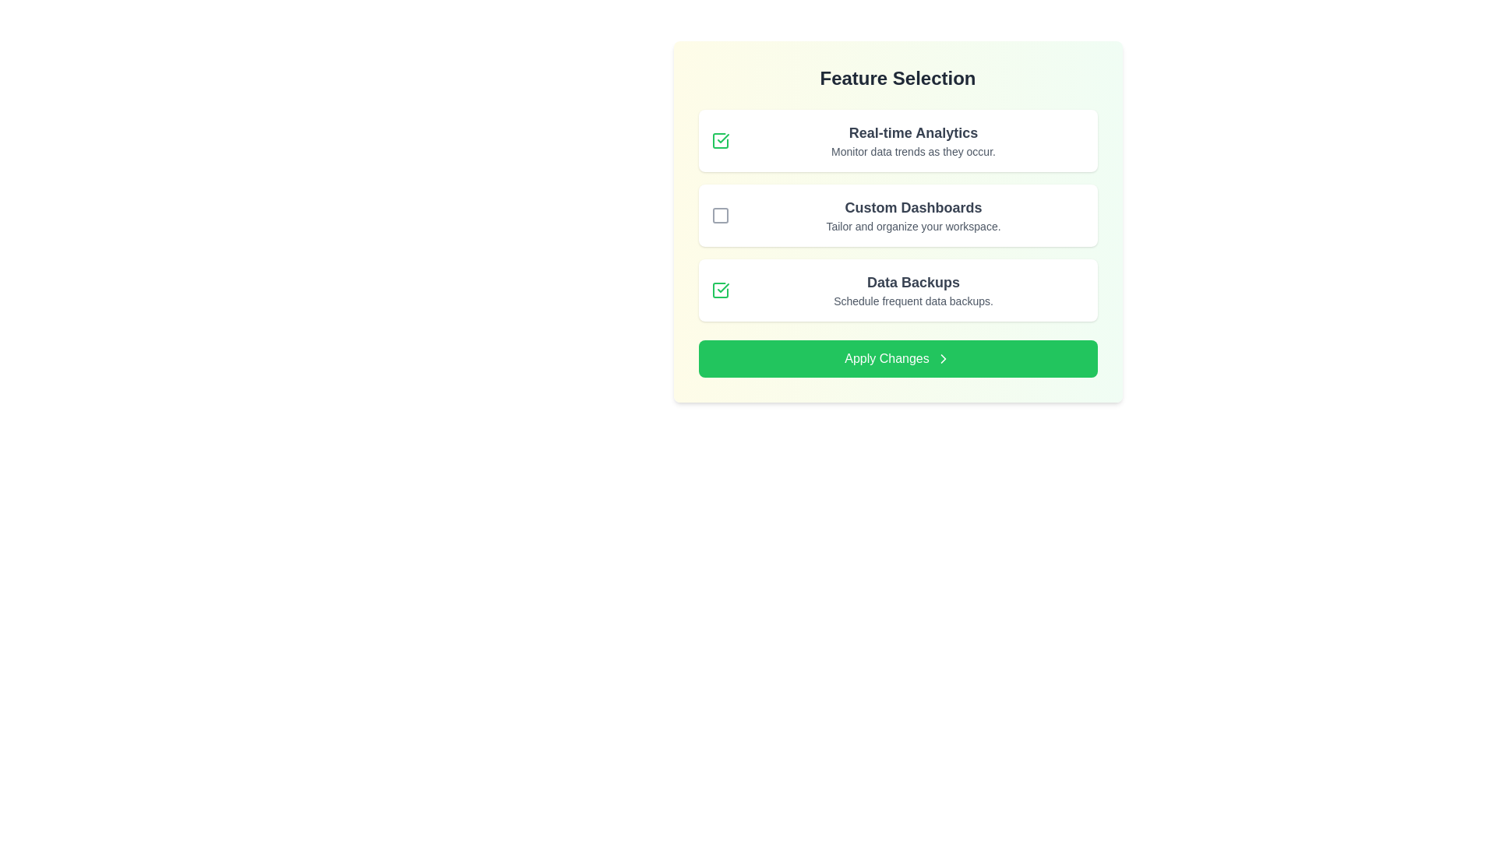 This screenshot has height=841, width=1496. I want to click on the checkbox with a green tick mark located to the left of the 'Data Backups' list item in the 'Feature Selection' section, so click(719, 290).